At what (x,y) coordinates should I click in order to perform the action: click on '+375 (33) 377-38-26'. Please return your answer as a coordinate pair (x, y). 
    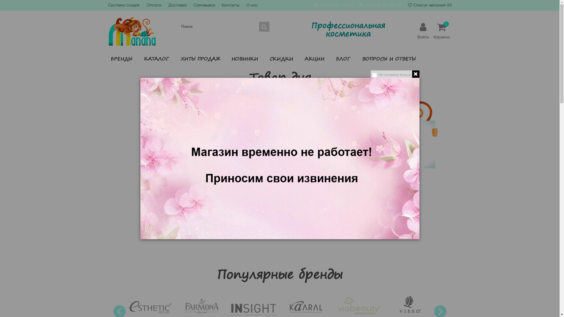
    Looking at the image, I should click on (383, 5).